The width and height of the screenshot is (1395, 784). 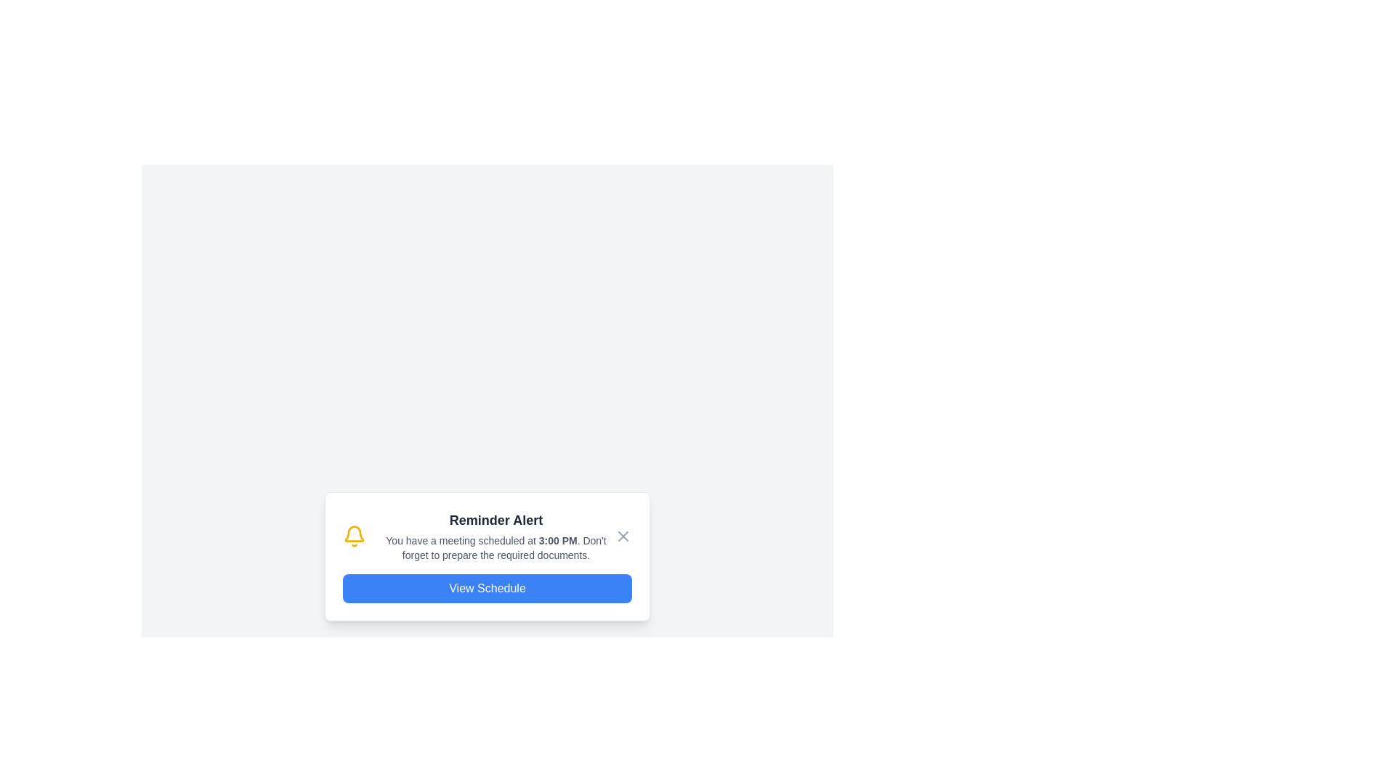 I want to click on the Text Label element, which serves as the title or header of a notification card, located at the top of the card above the paragraph text and the blue button labeled 'View Schedule', so click(x=496, y=520).